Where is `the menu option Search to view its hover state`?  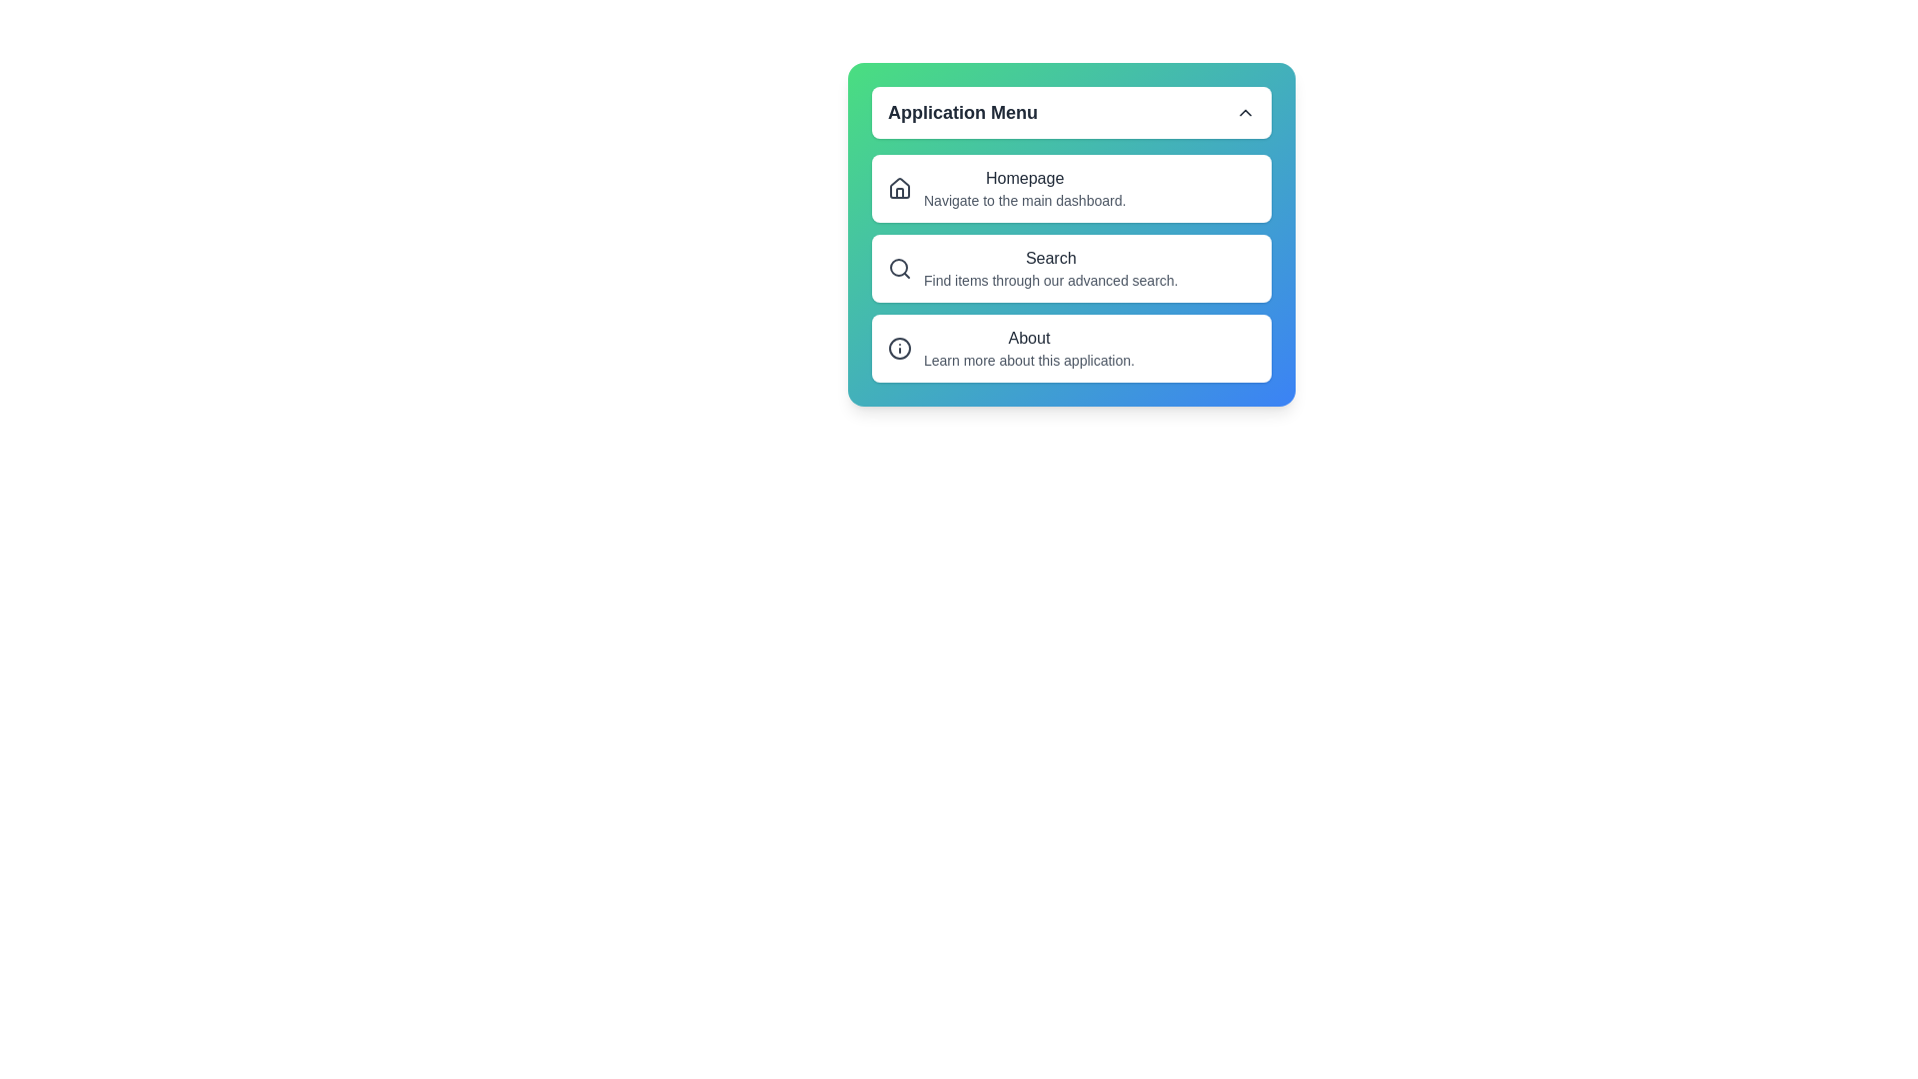
the menu option Search to view its hover state is located at coordinates (1071, 268).